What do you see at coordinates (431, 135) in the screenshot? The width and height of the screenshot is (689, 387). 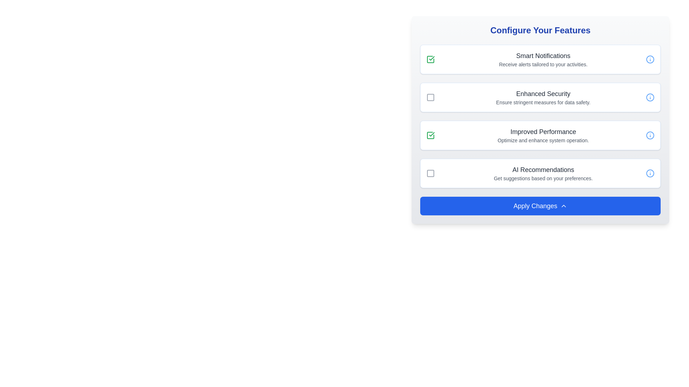 I see `the green-outlined checkbox with a checkmark next to the 'Improved Performance' option` at bounding box center [431, 135].